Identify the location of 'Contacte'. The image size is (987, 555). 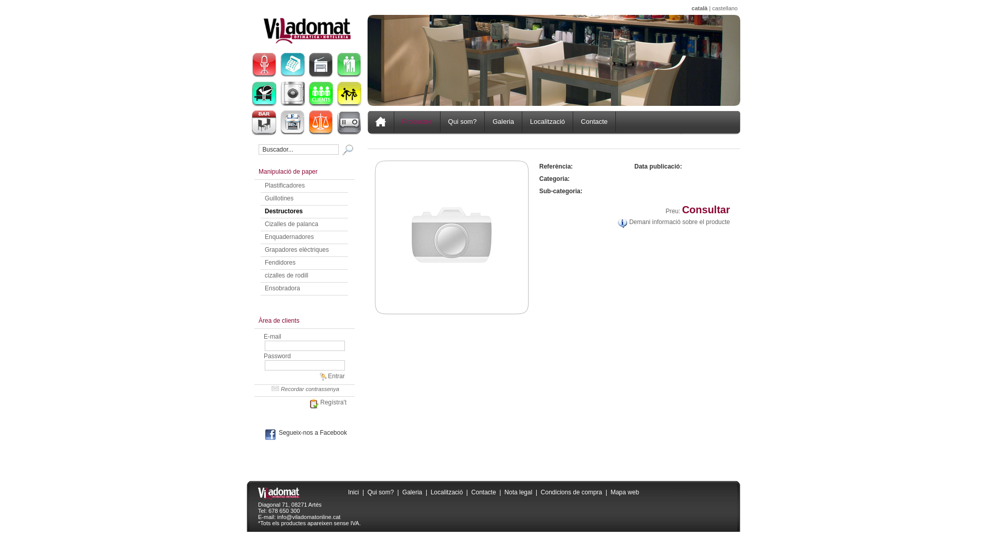
(483, 491).